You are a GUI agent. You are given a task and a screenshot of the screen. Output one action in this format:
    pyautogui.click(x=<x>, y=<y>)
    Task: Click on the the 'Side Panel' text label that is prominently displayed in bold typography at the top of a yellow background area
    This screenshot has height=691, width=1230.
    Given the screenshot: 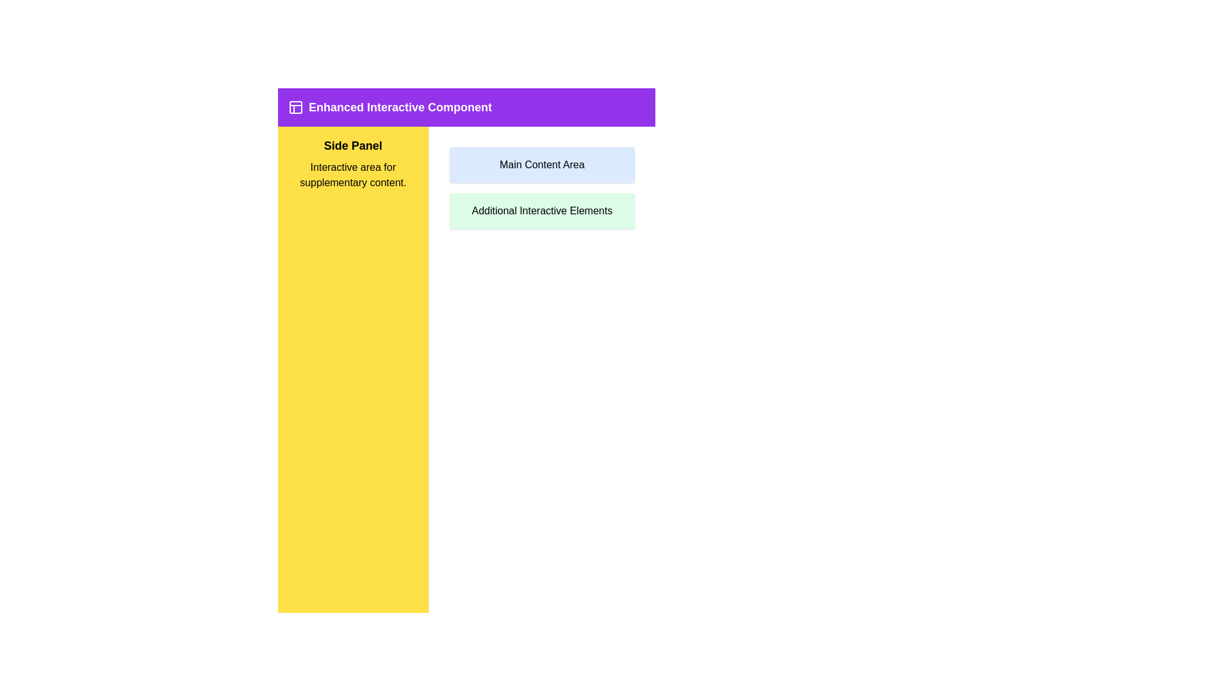 What is the action you would take?
    pyautogui.click(x=353, y=145)
    